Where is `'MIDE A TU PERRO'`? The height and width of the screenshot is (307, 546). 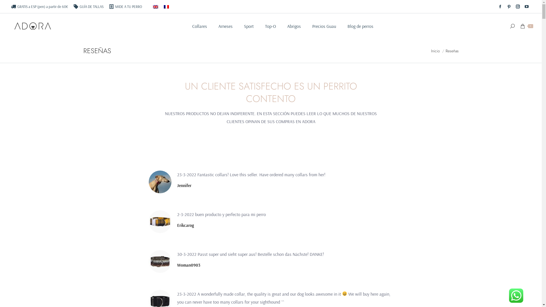 'MIDE A TU PERRO' is located at coordinates (125, 7).